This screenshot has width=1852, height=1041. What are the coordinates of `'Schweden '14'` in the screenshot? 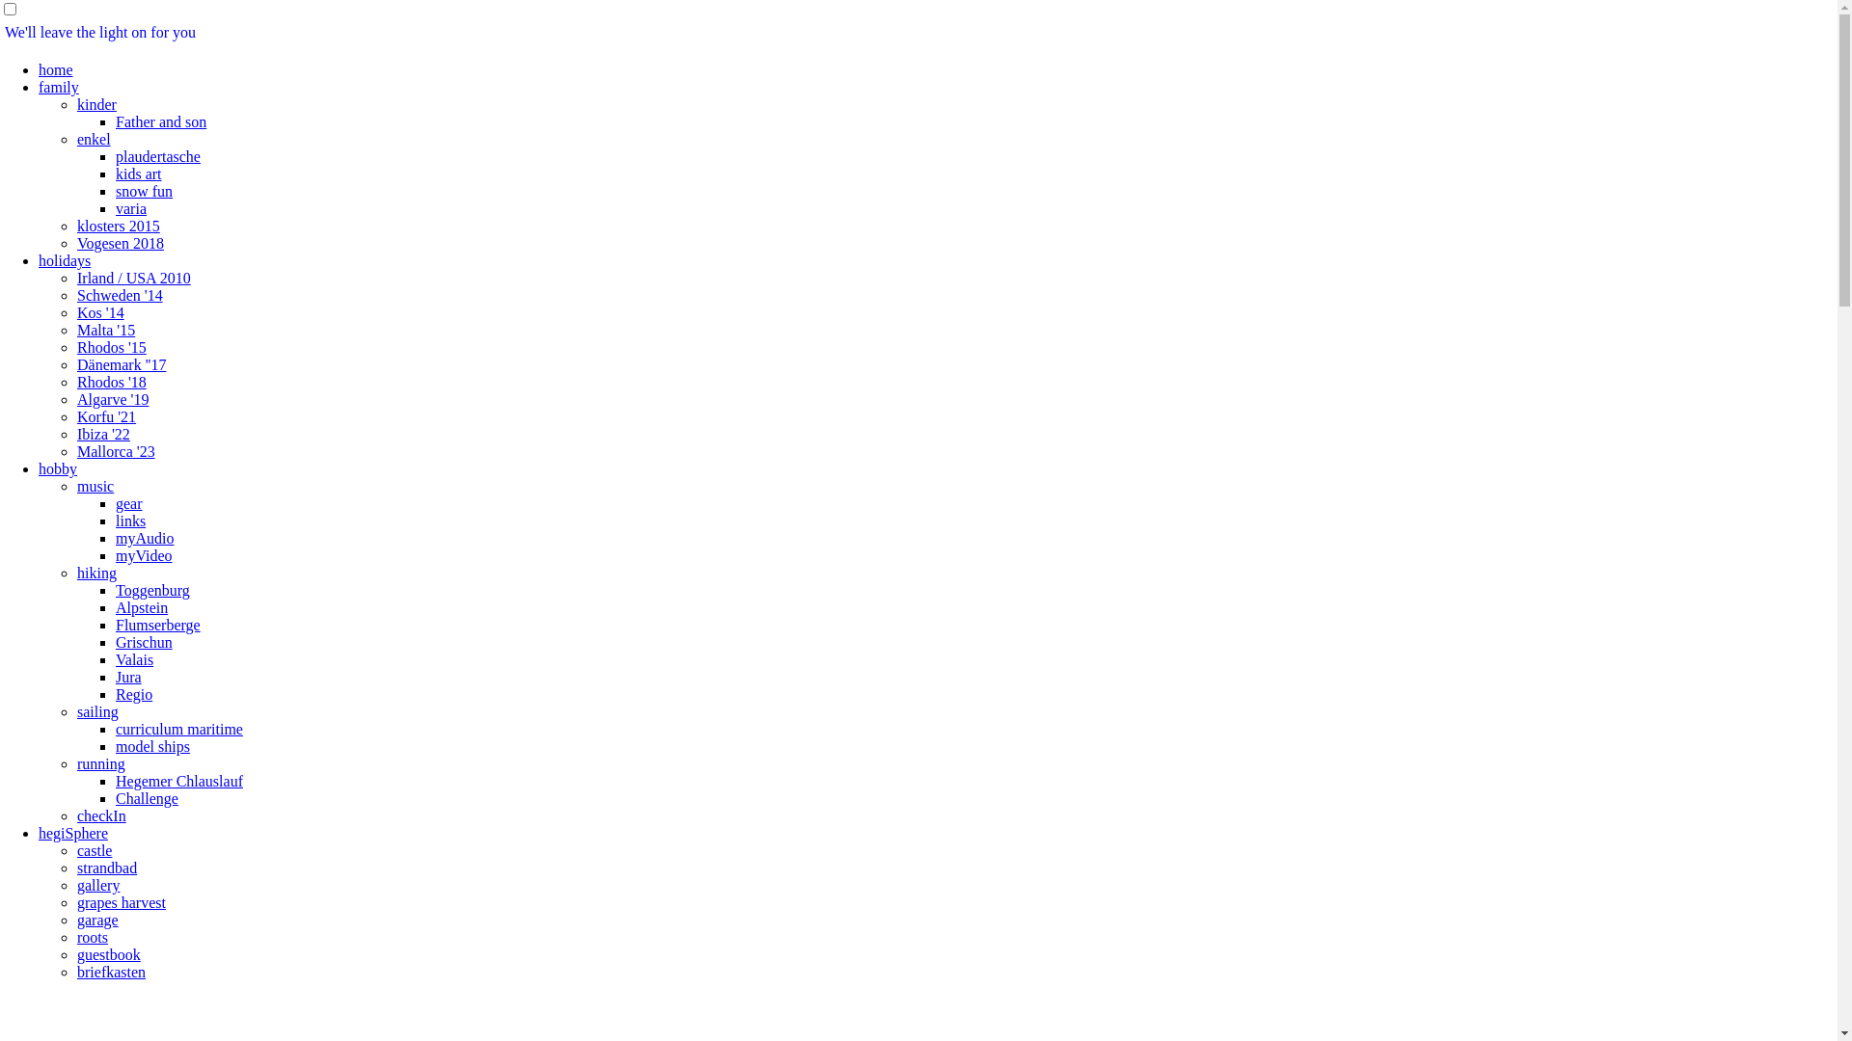 It's located at (119, 295).